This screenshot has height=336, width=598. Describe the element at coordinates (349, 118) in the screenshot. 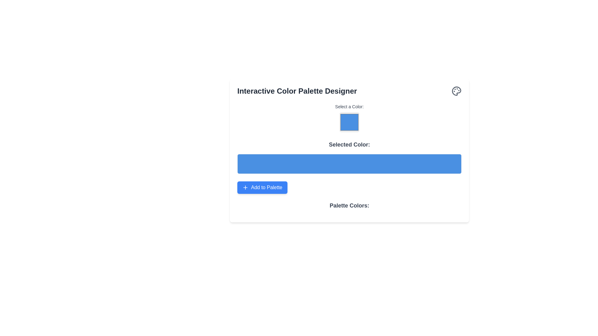

I see `and drop the Color Picker Element, which is a medium-sized blue square located under the 'Select a Color:' label in the 'Interactive Color Palette Designer' panel` at that location.